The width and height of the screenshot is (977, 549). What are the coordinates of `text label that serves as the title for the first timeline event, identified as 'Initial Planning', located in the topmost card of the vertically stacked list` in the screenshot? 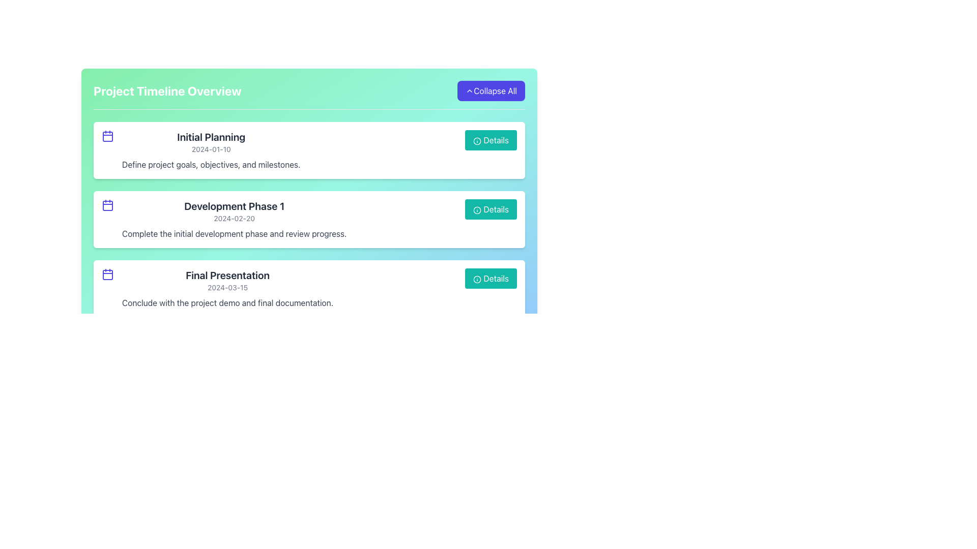 It's located at (211, 137).